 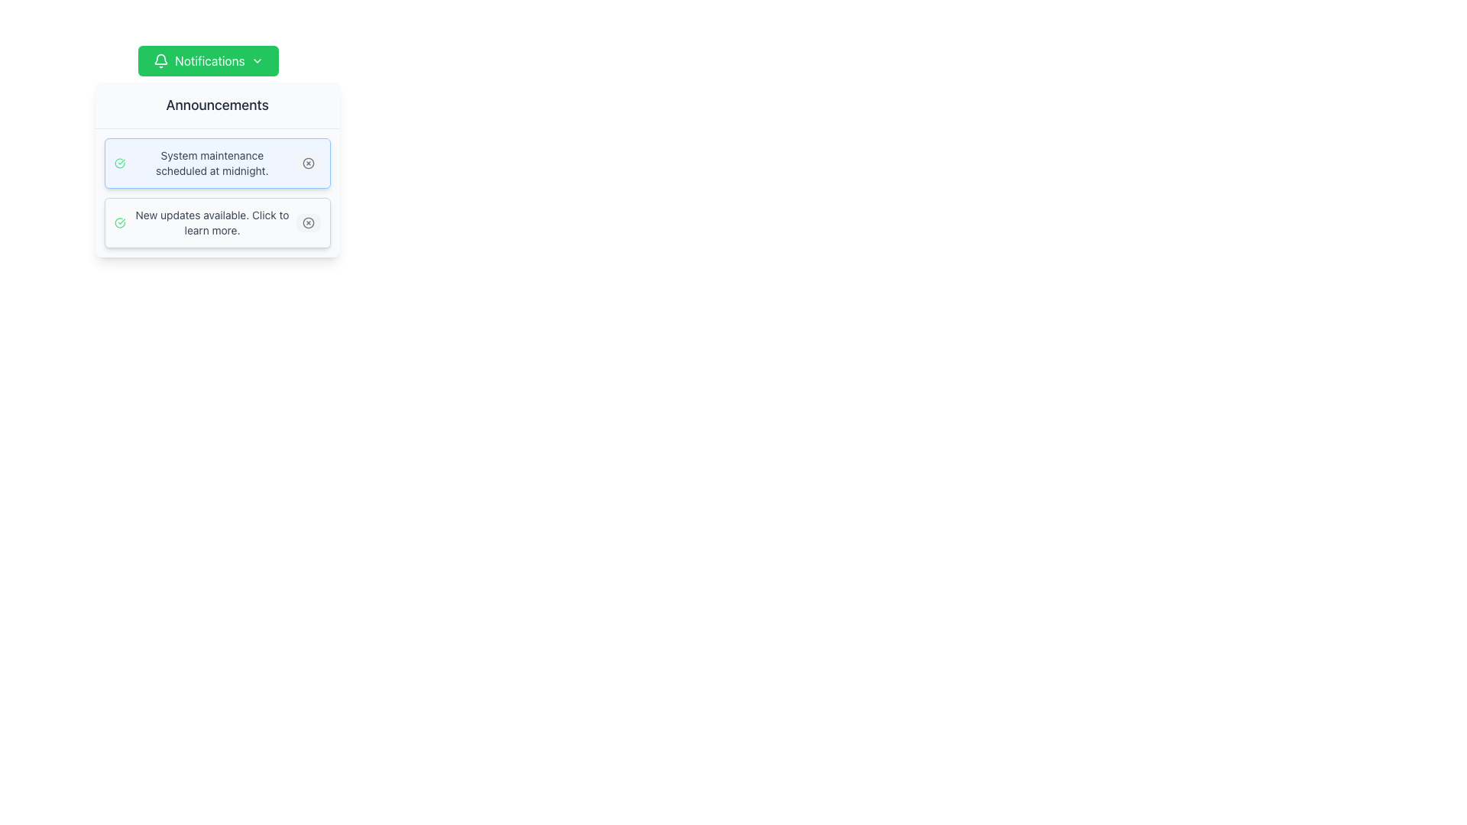 What do you see at coordinates (216, 163) in the screenshot?
I see `text content from the notification block with a light blue background stating 'System maintenance scheduled at midnight'` at bounding box center [216, 163].